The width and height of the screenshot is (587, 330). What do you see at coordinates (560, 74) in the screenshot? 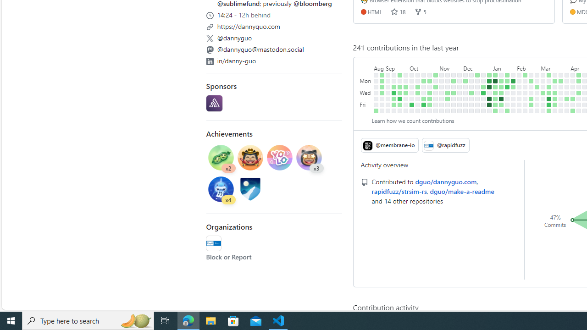
I see `'No contributions on March 24th.'` at bounding box center [560, 74].